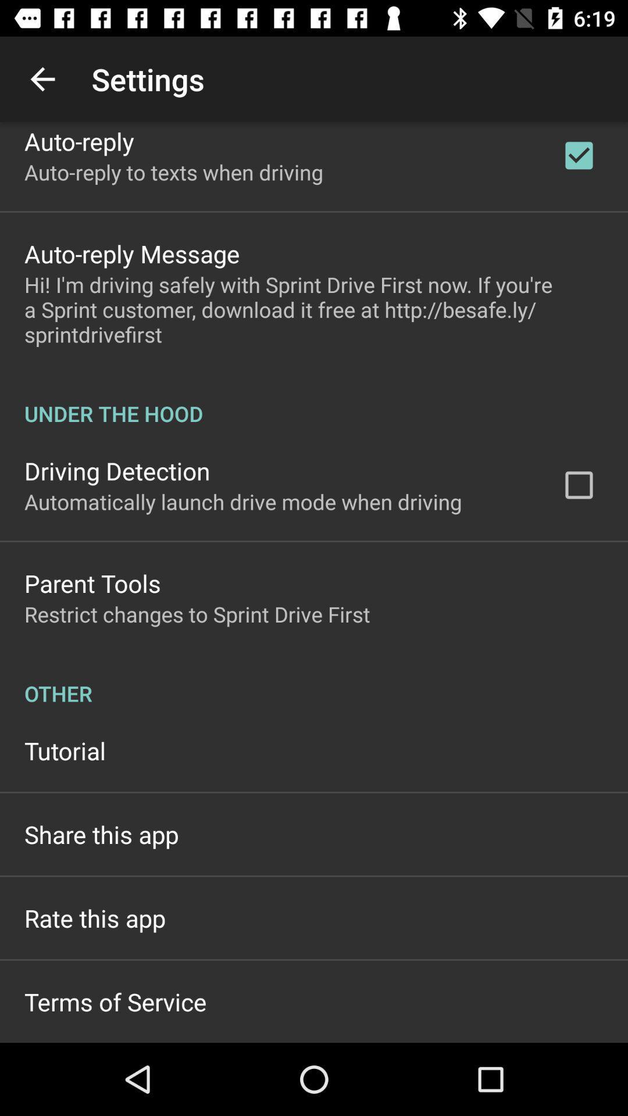 This screenshot has height=1116, width=628. What do you see at coordinates (314, 681) in the screenshot?
I see `the item below restrict changes to item` at bounding box center [314, 681].